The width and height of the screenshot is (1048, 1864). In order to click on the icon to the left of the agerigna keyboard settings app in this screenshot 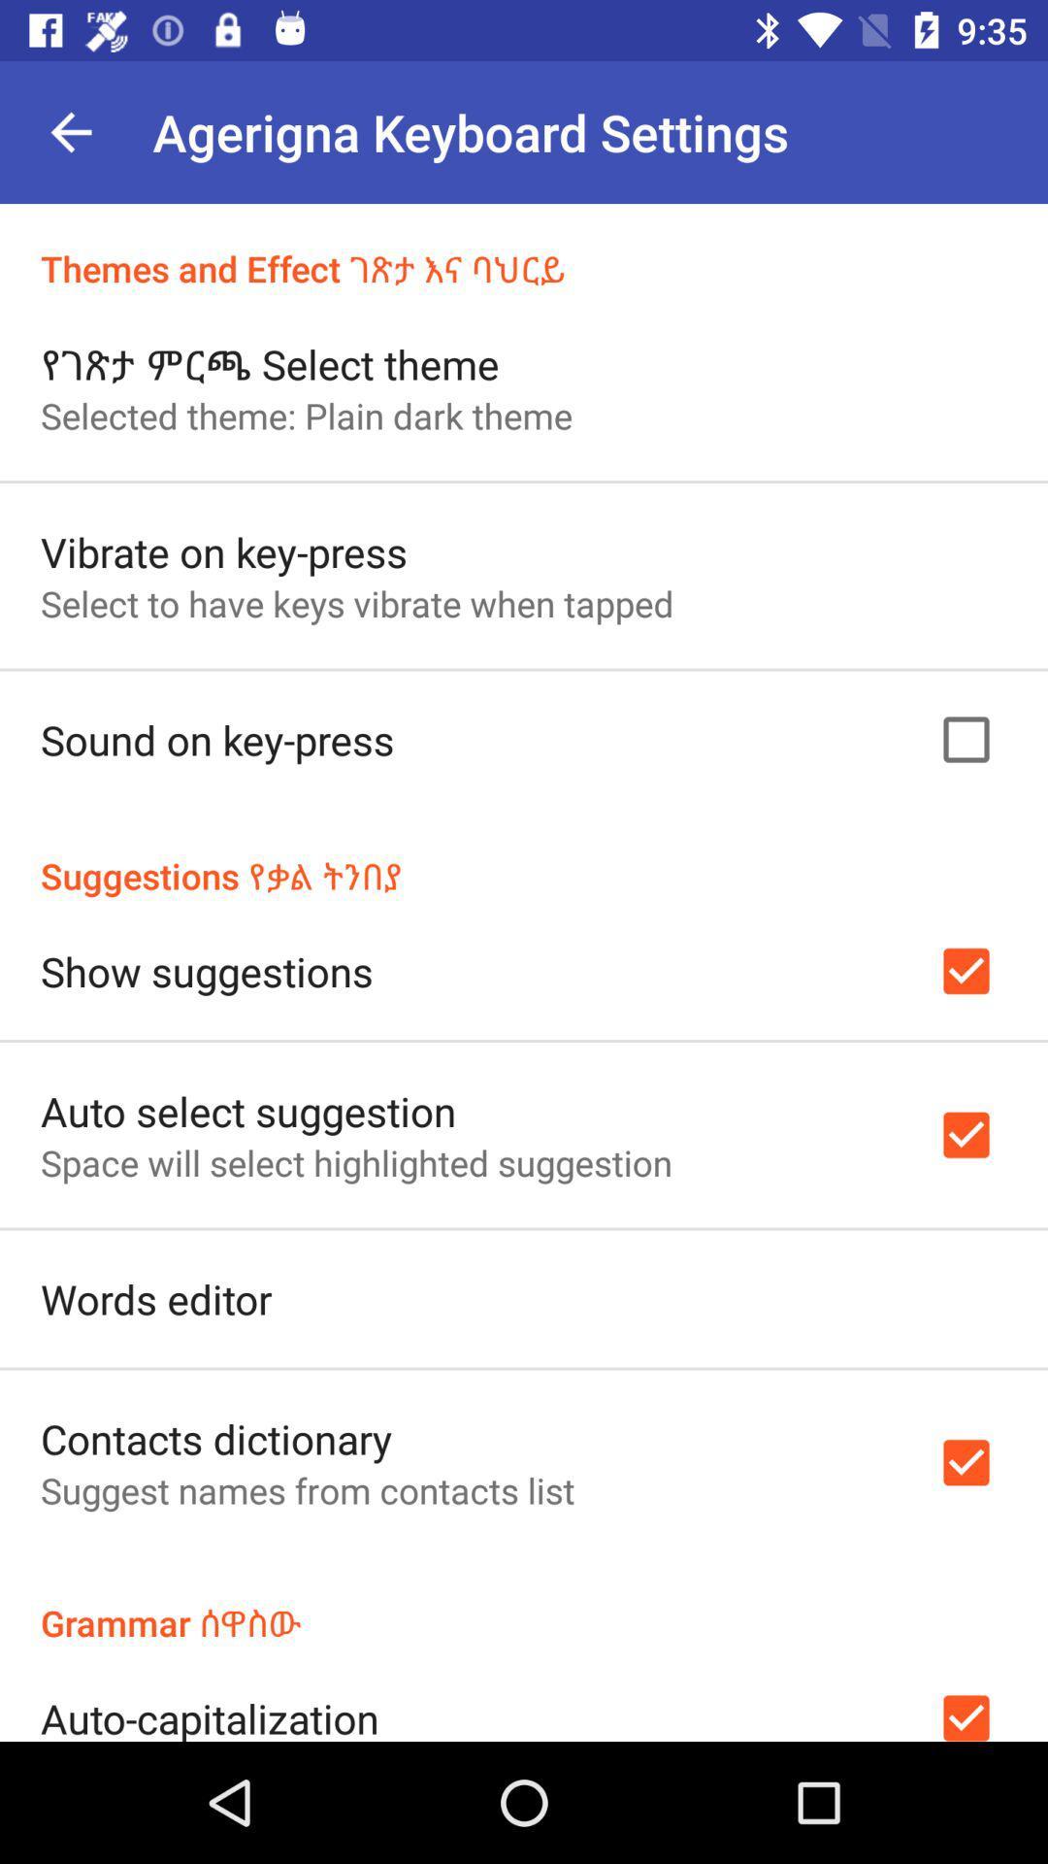, I will do `click(70, 131)`.